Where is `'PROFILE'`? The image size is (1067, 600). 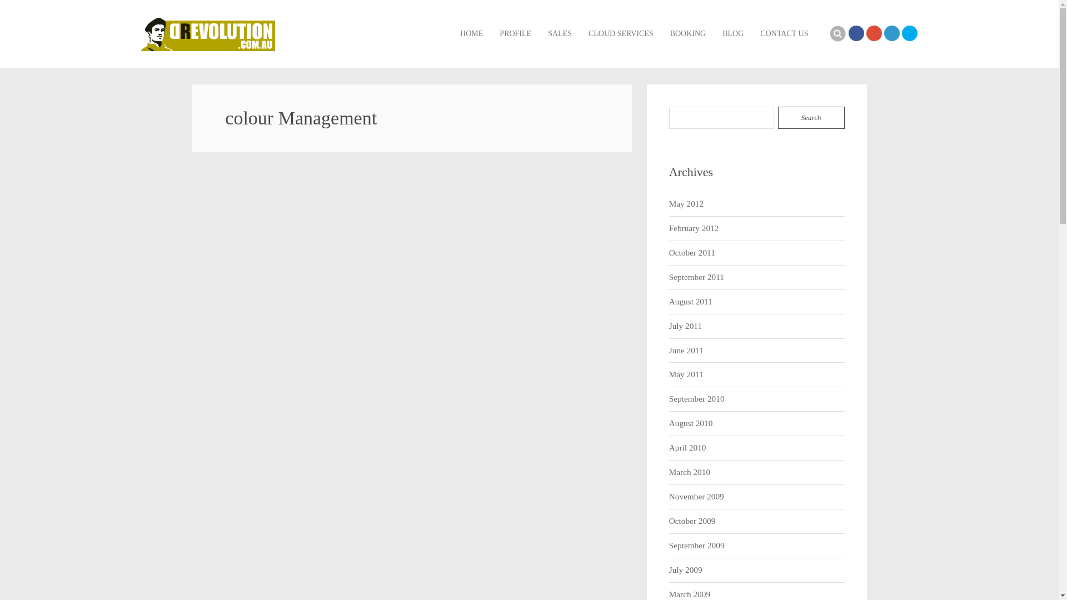 'PROFILE' is located at coordinates (515, 33).